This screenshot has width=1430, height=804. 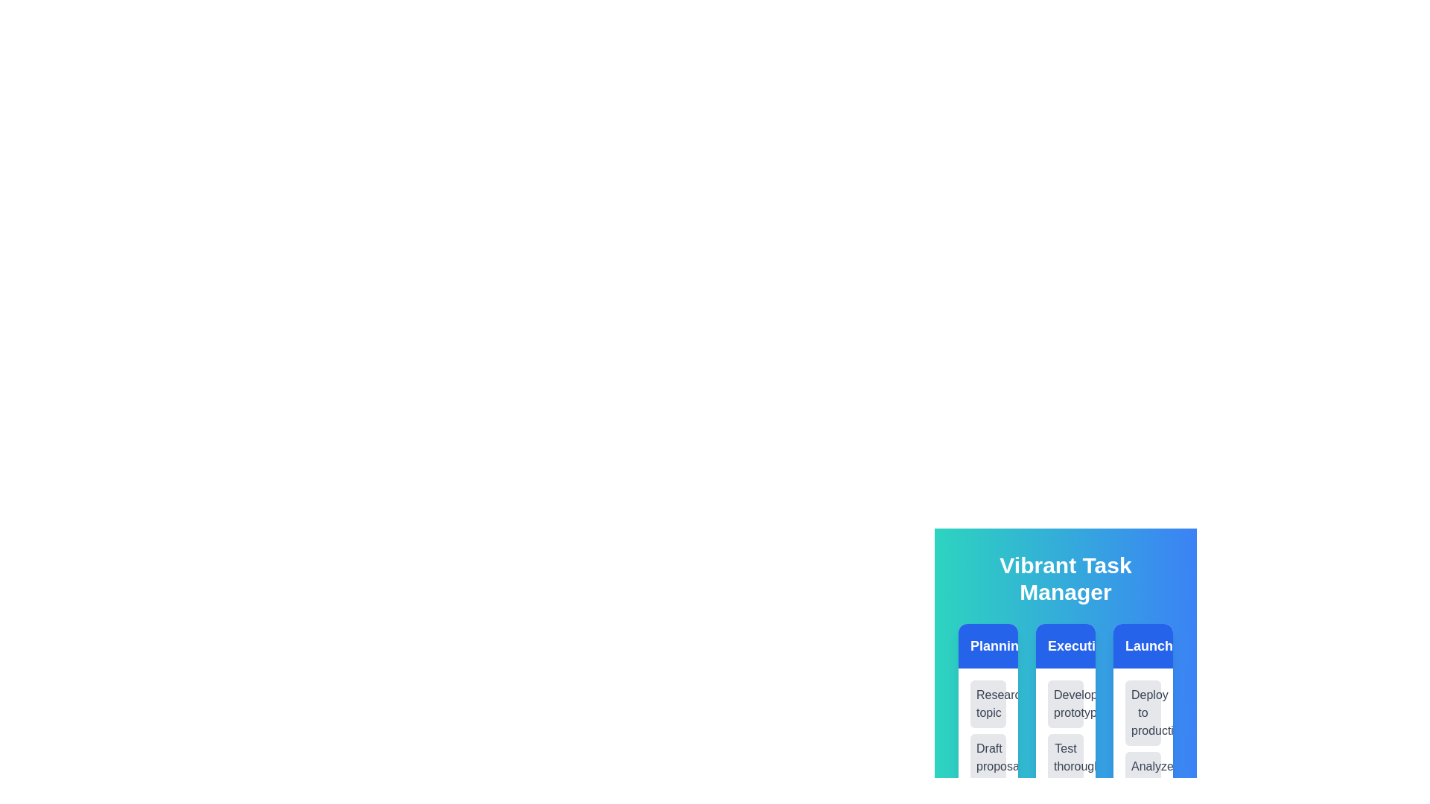 I want to click on text from the Text block that contains 'Test thoroughly' in a gray background, positioned as the middle item in the 'Execute' column, so click(x=1064, y=758).